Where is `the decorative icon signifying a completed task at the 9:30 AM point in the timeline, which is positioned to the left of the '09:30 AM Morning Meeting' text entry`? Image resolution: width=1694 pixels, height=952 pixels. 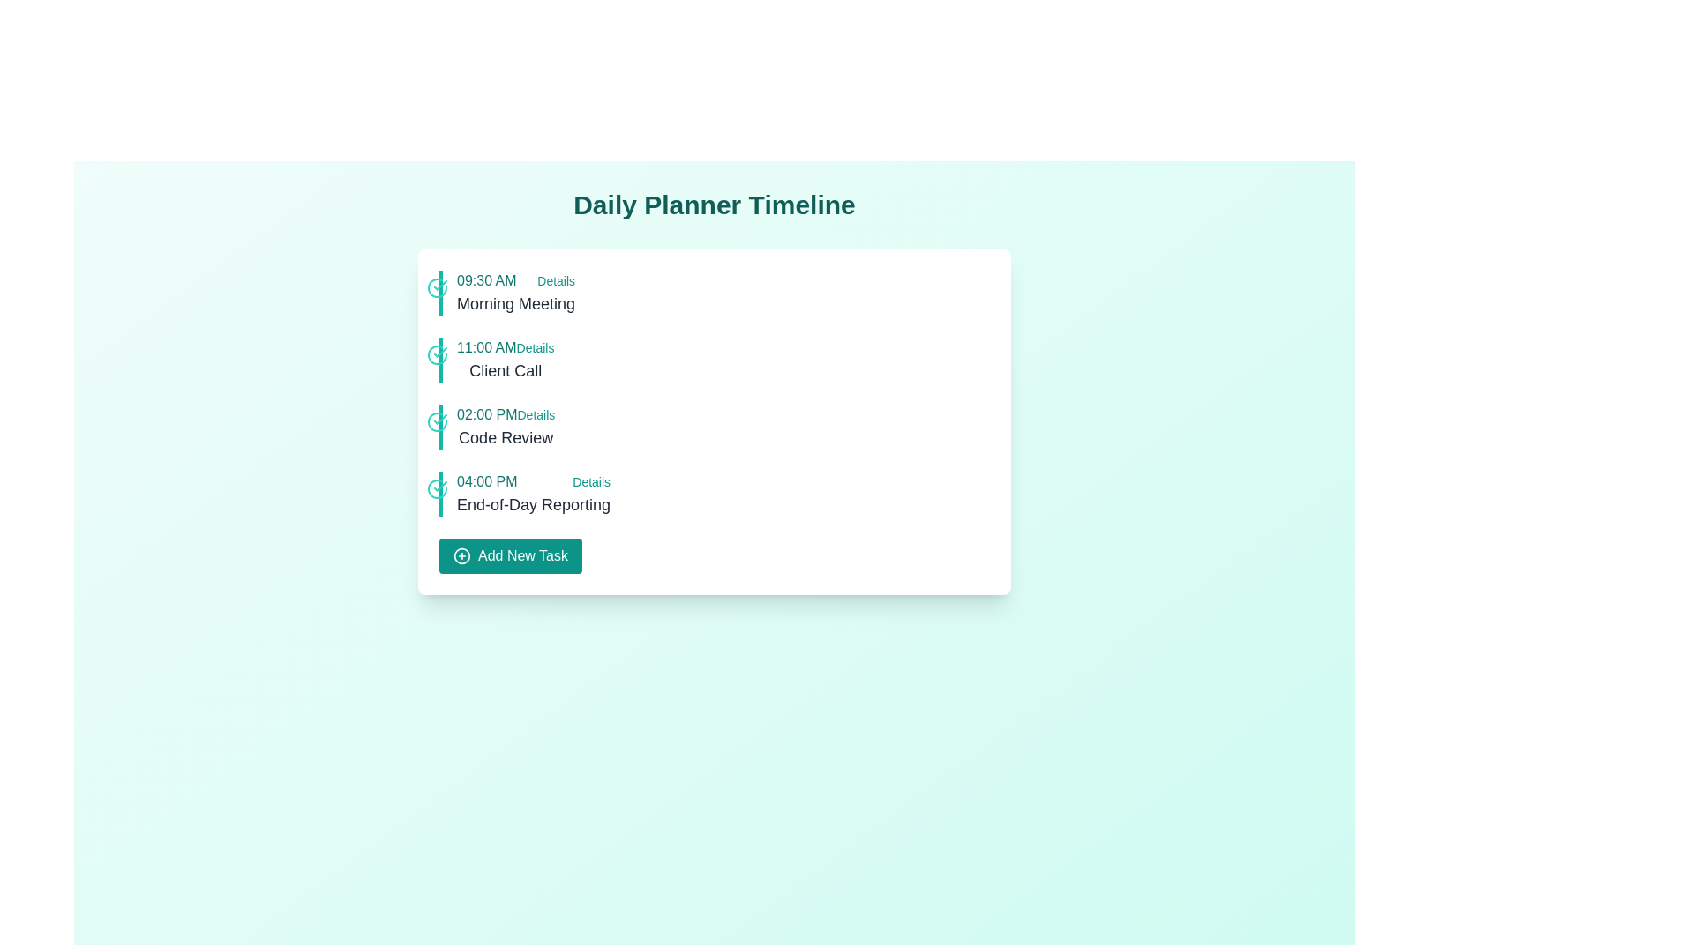
the decorative icon signifying a completed task at the 9:30 AM point in the timeline, which is positioned to the left of the '09:30 AM Morning Meeting' text entry is located at coordinates (437, 287).